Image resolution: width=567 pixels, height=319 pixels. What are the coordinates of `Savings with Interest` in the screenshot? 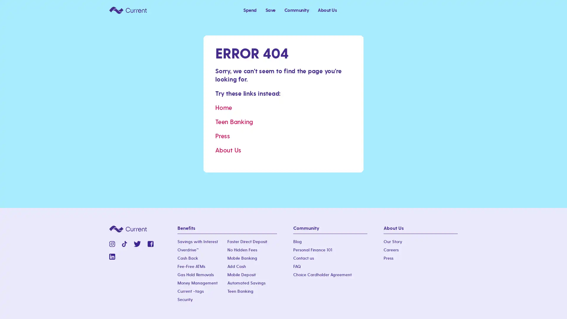 It's located at (198, 242).